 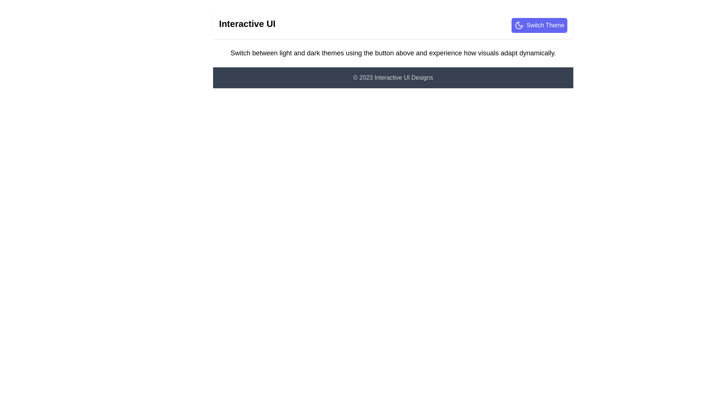 I want to click on attributes of the Icon (Crescent Moon) located in the top bar of the interface, adjacent to the 'Switch Theme' button, so click(x=518, y=25).